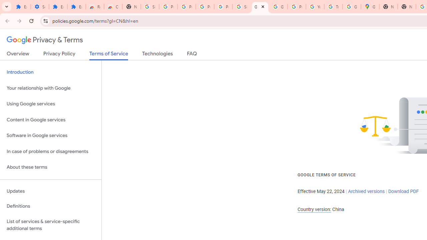 The width and height of the screenshot is (427, 240). I want to click on 'Introduction', so click(50, 72).